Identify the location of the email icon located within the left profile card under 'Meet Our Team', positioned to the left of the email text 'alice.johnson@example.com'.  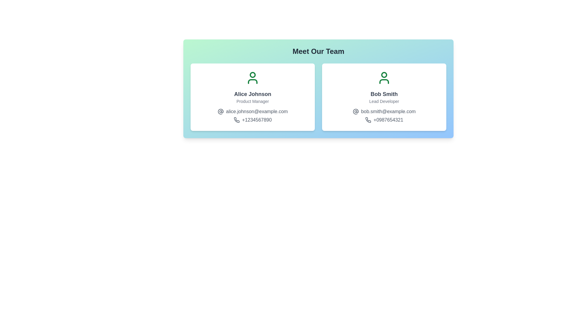
(220, 111).